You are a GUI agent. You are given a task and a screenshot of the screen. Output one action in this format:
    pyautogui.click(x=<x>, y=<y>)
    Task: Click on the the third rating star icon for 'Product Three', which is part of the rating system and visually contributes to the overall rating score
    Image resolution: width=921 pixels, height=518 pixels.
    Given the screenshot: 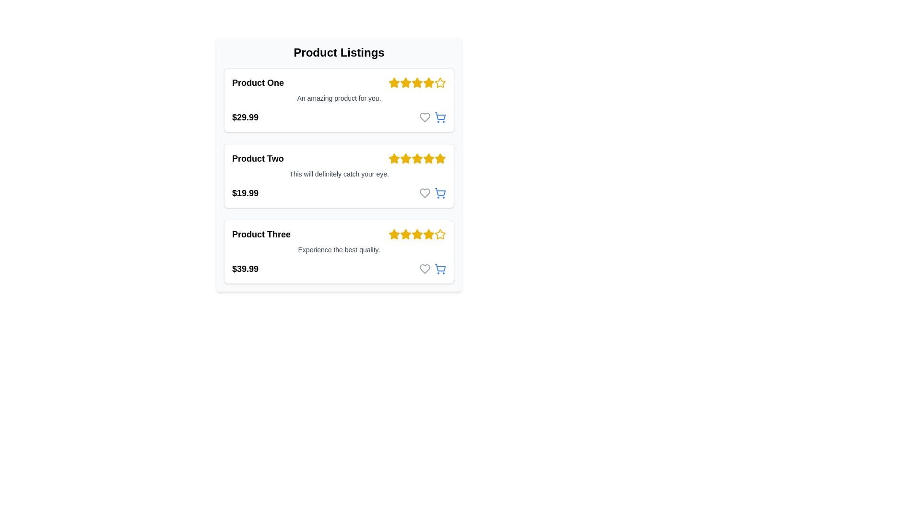 What is the action you would take?
    pyautogui.click(x=417, y=234)
    